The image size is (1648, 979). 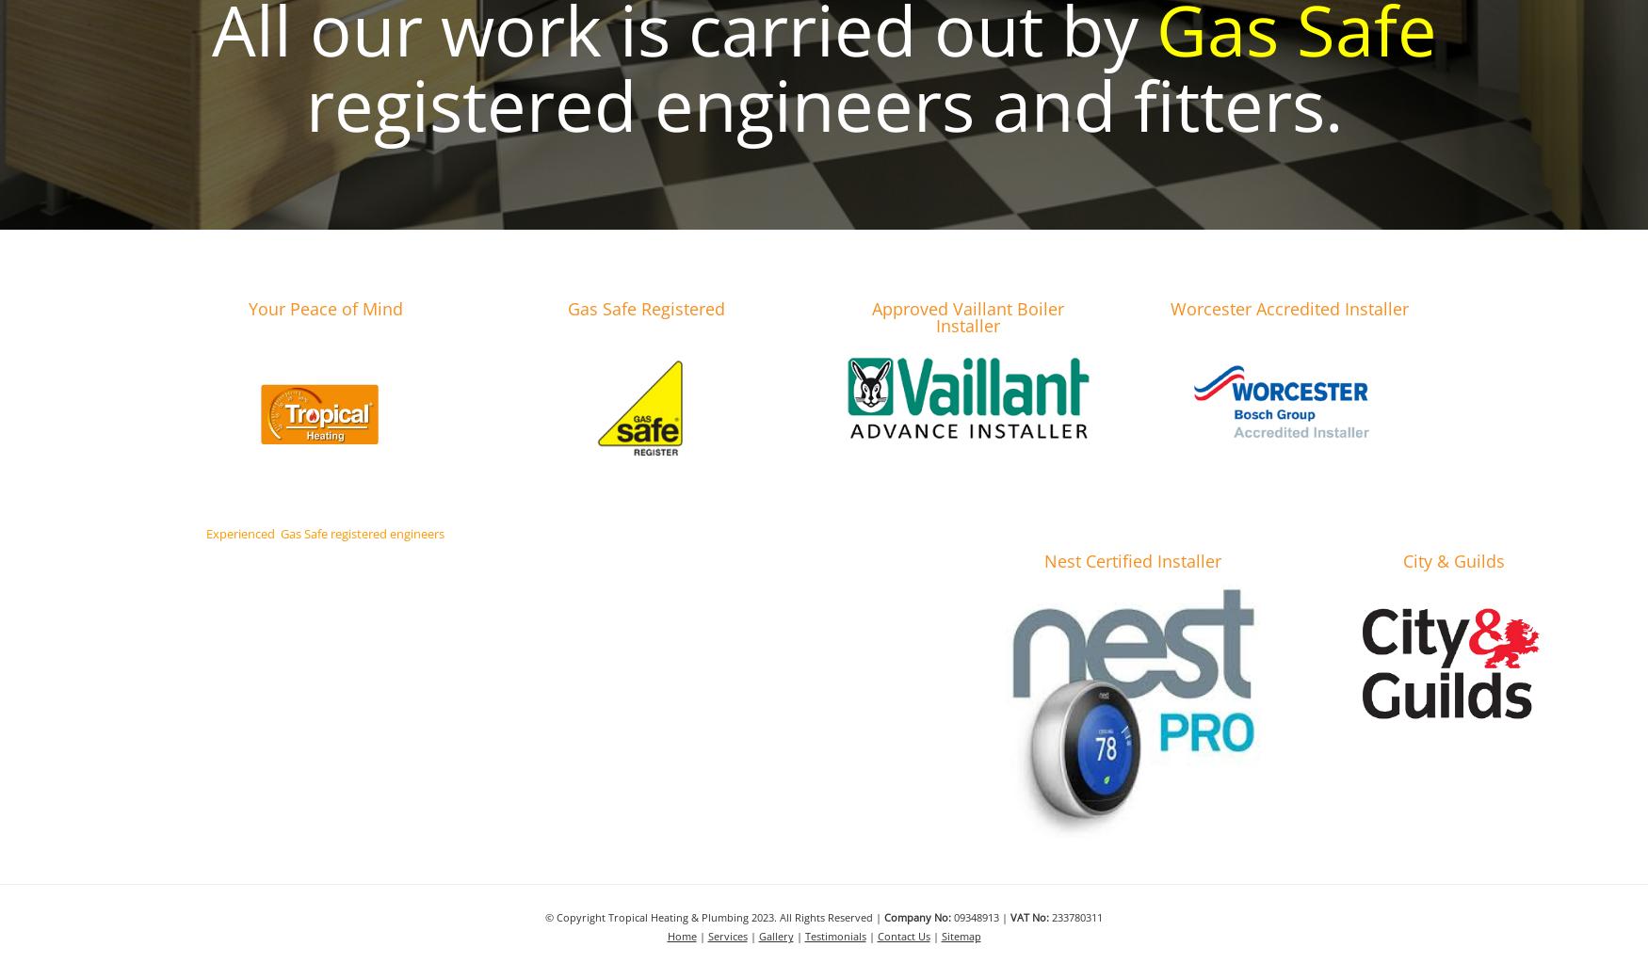 What do you see at coordinates (1132, 560) in the screenshot?
I see `'Nest Certified Installer'` at bounding box center [1132, 560].